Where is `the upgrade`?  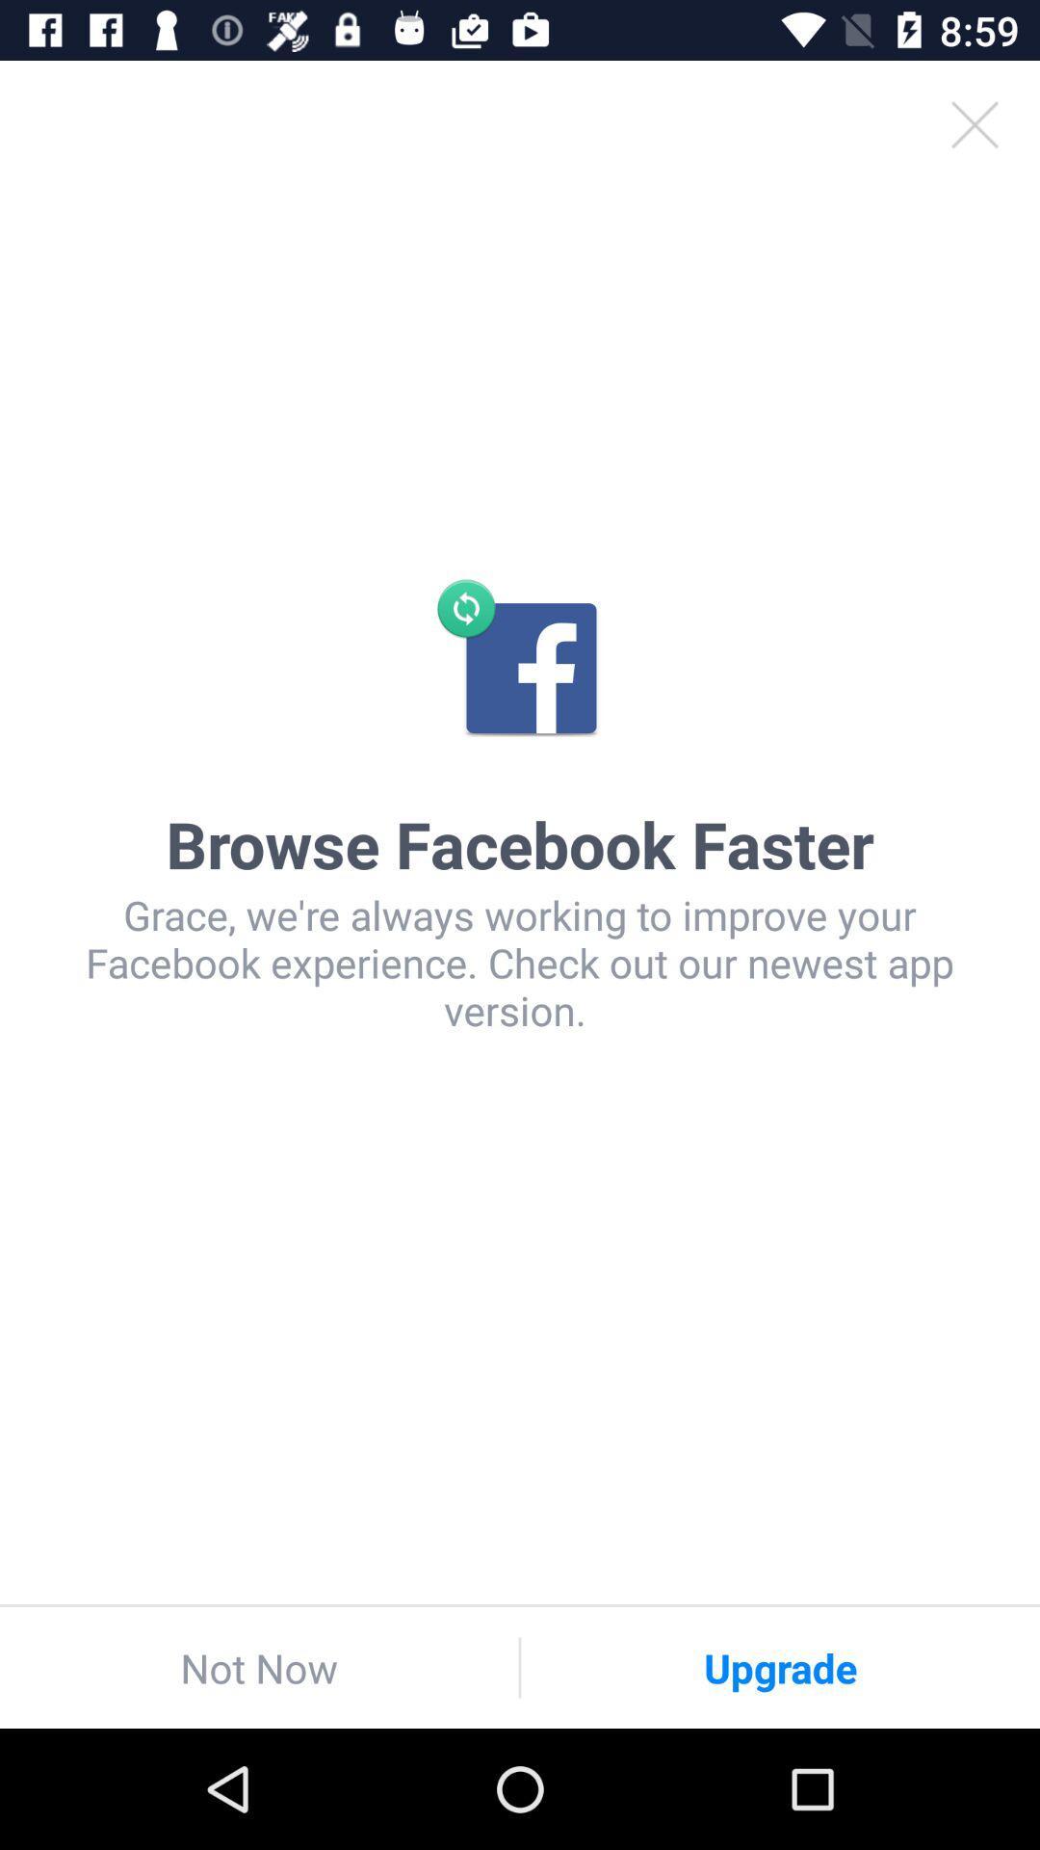
the upgrade is located at coordinates (780, 1667).